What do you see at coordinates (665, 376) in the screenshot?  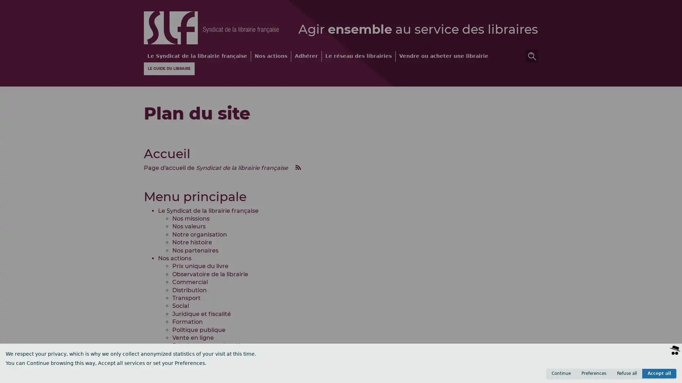 I see `Save` at bounding box center [665, 376].